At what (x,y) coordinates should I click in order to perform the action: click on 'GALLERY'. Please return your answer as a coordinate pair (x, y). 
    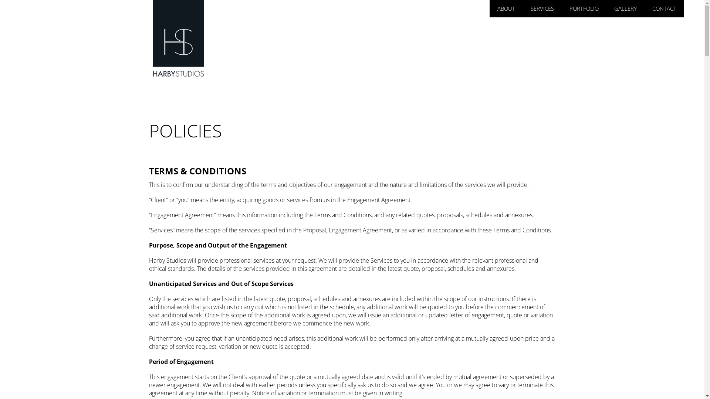
    Looking at the image, I should click on (611, 8).